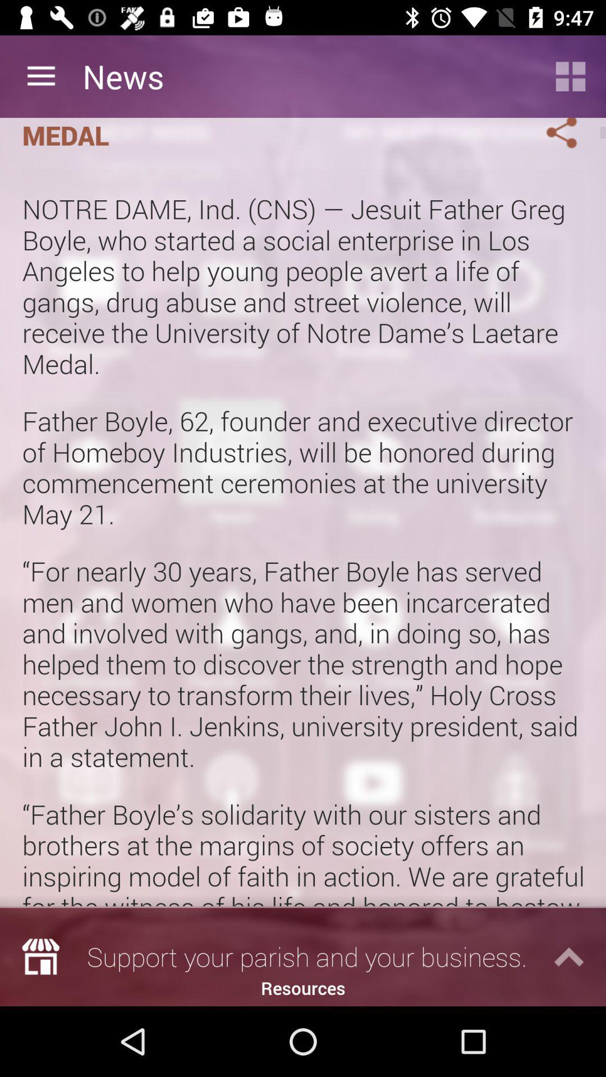 Image resolution: width=606 pixels, height=1077 pixels. I want to click on the icon below the homeboy industries founder icon, so click(303, 537).